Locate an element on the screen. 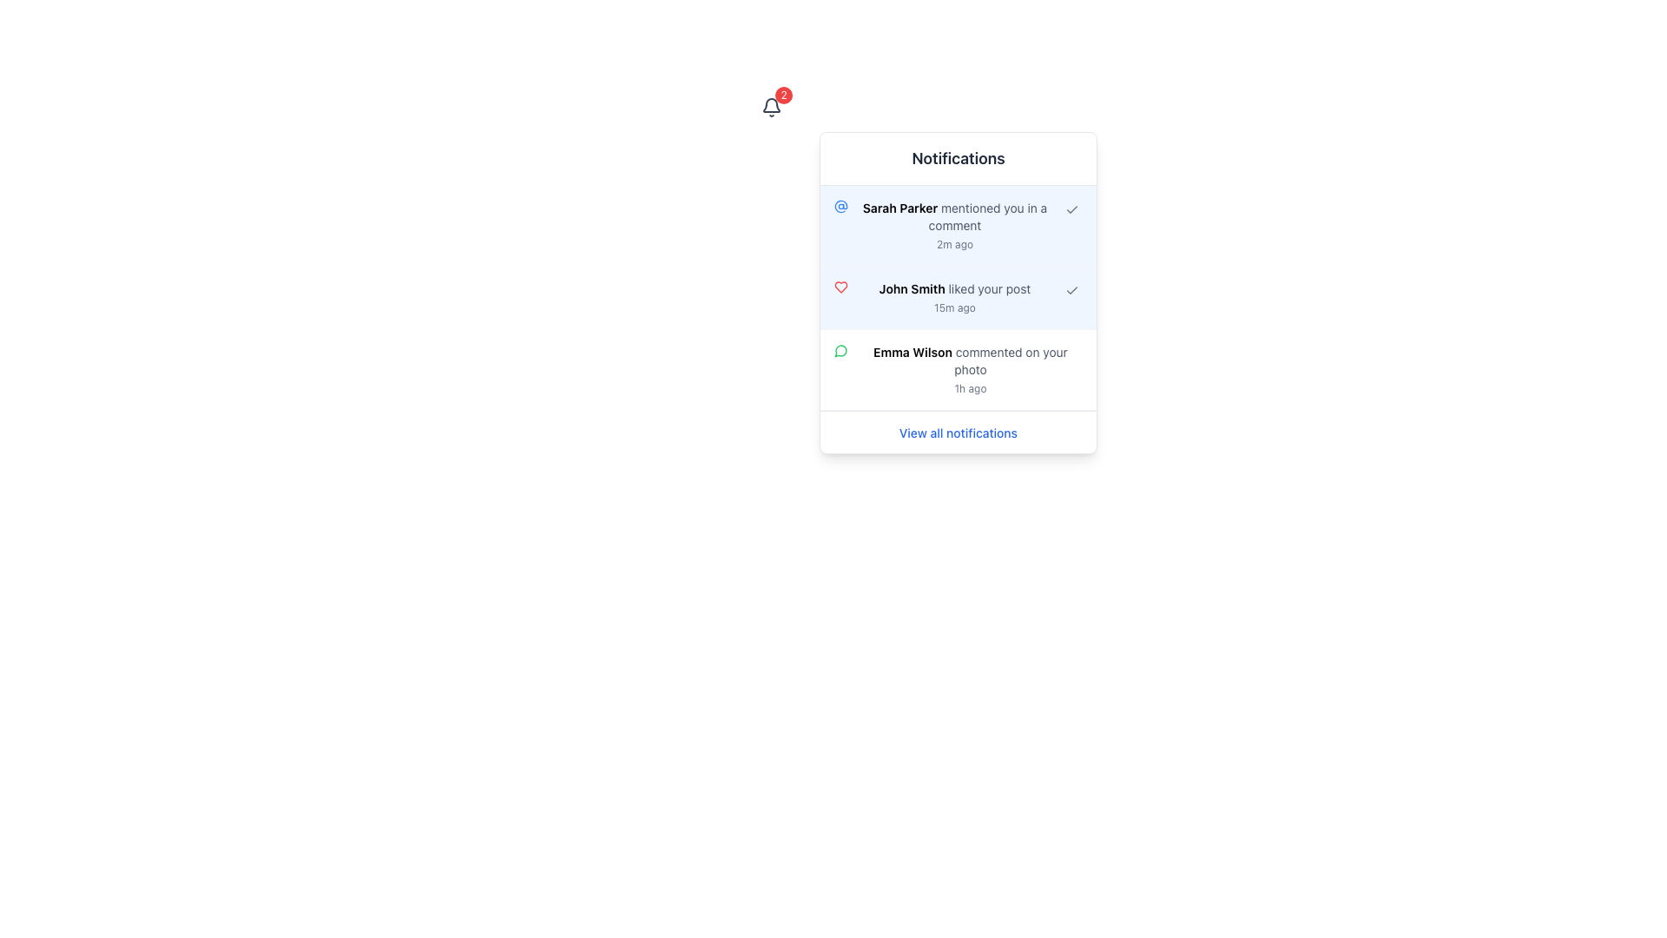 The width and height of the screenshot is (1667, 938). the hyperlink located at the bottom of the notification panel, below the light grey horizontal divider is located at coordinates (958, 432).